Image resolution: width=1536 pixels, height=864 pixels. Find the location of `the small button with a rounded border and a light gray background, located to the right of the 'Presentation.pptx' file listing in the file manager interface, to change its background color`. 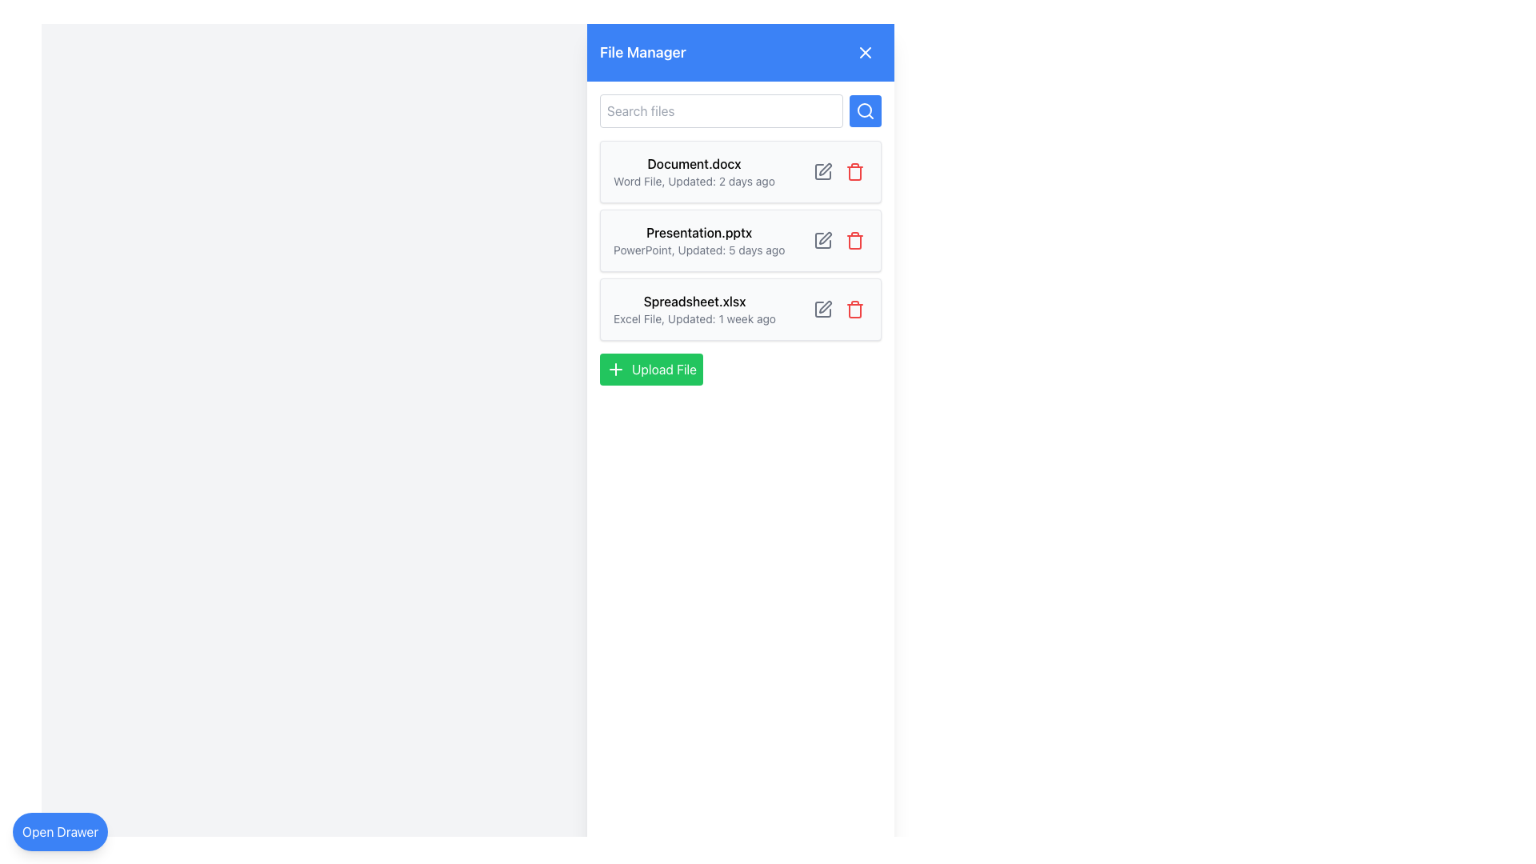

the small button with a rounded border and a light gray background, located to the right of the 'Presentation.pptx' file listing in the file manager interface, to change its background color is located at coordinates (822, 240).